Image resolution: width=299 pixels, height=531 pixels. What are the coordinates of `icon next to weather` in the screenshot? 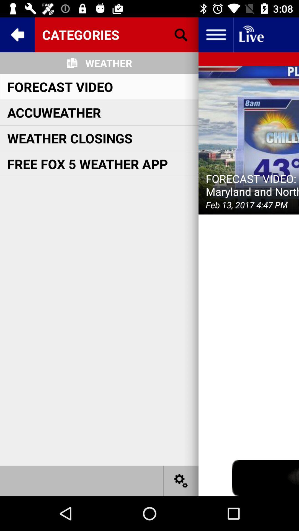 It's located at (181, 34).